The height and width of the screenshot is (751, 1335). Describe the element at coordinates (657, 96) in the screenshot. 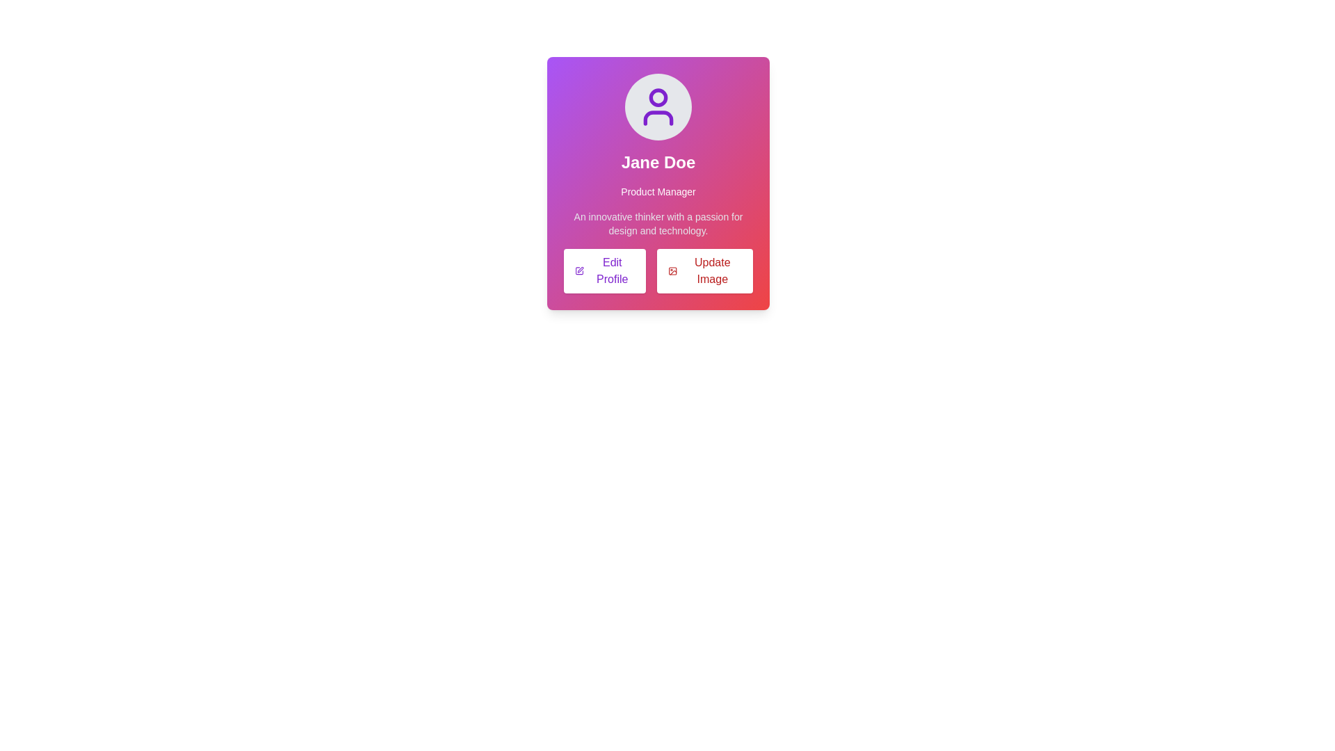

I see `the small circular shape that is part of the user profile icon, located at the top center of the UI card` at that location.